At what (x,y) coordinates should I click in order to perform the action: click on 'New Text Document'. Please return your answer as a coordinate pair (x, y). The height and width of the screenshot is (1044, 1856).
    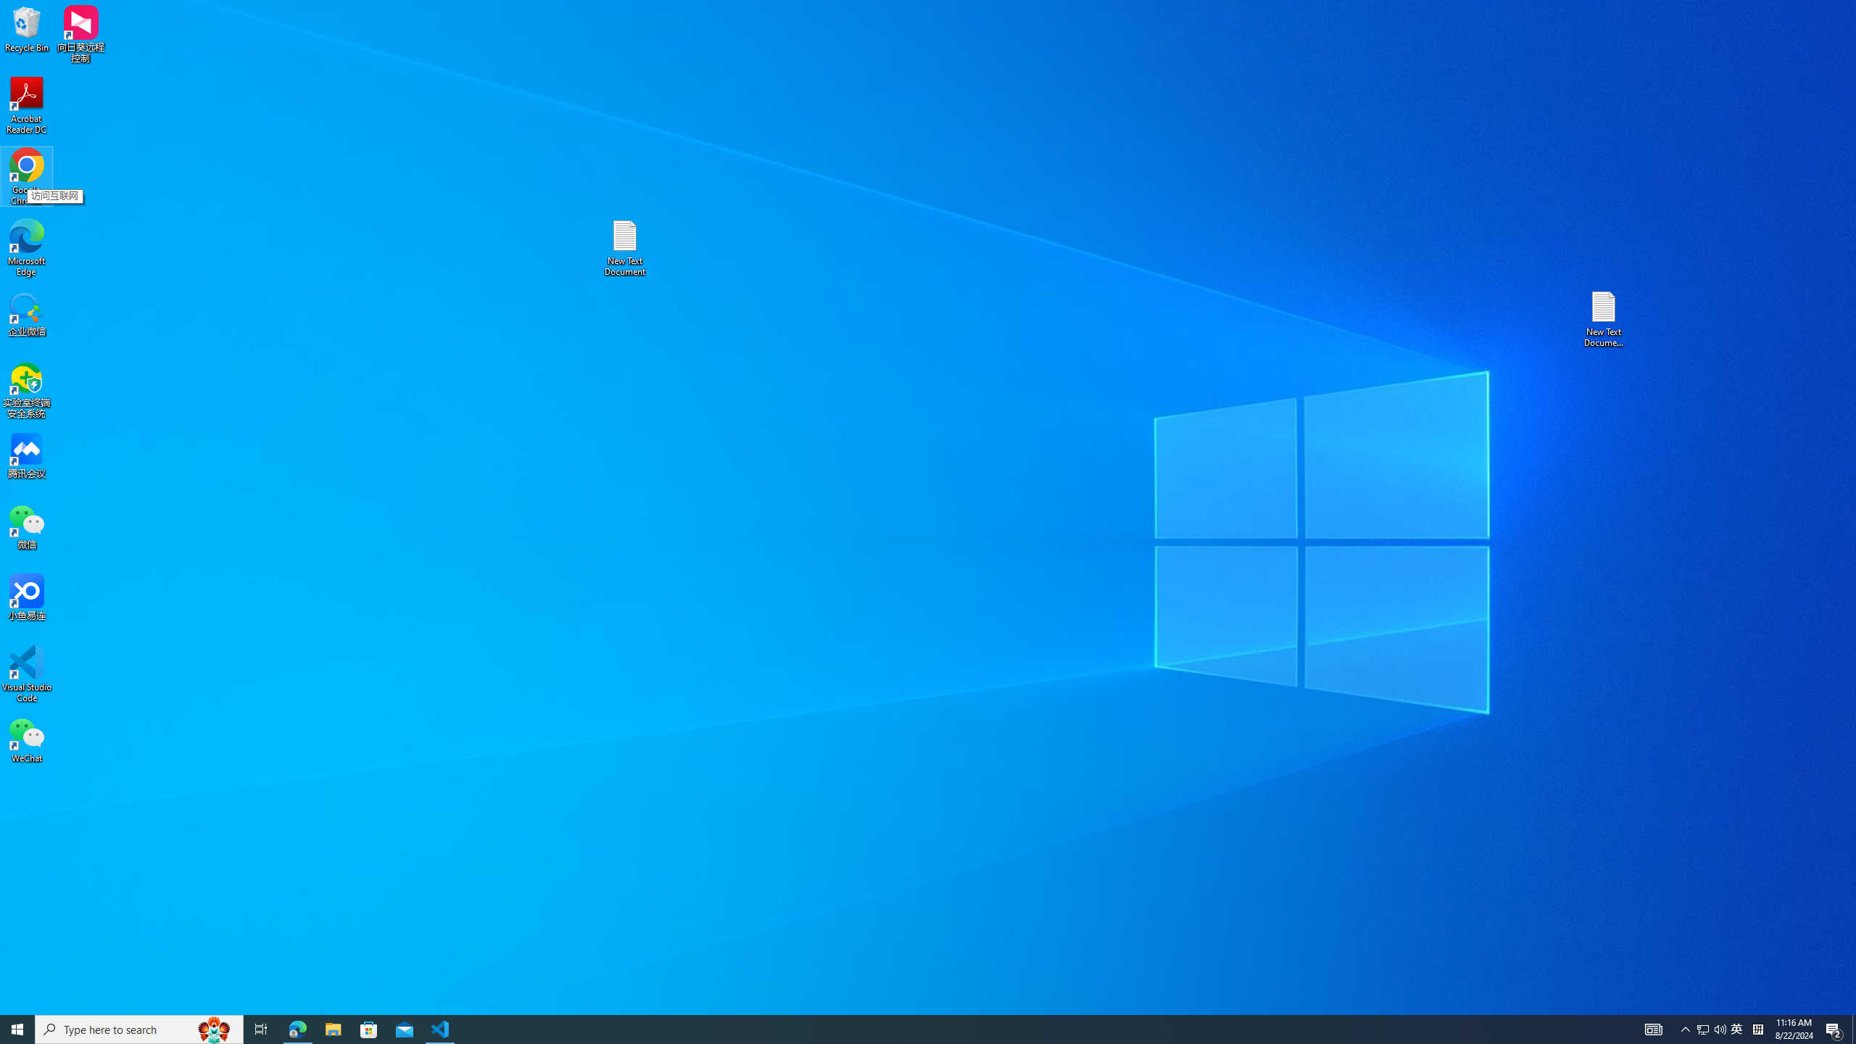
    Looking at the image, I should click on (623, 247).